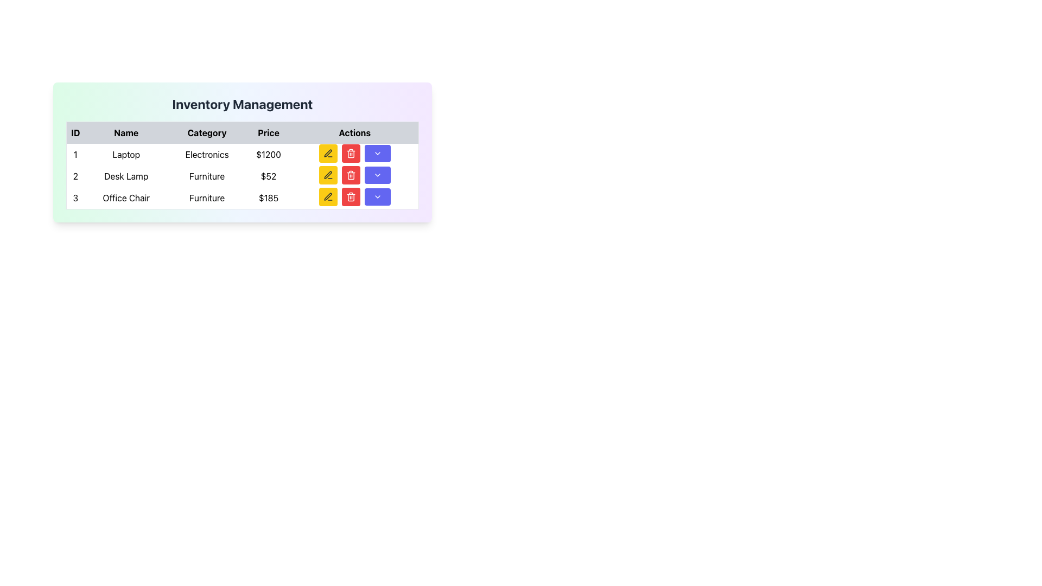 This screenshot has width=1042, height=586. Describe the element at coordinates (207, 175) in the screenshot. I see `the non-interactive text label representing the category 'Desk Lamp' located in the second row of the table under the heading 'Category'` at that location.